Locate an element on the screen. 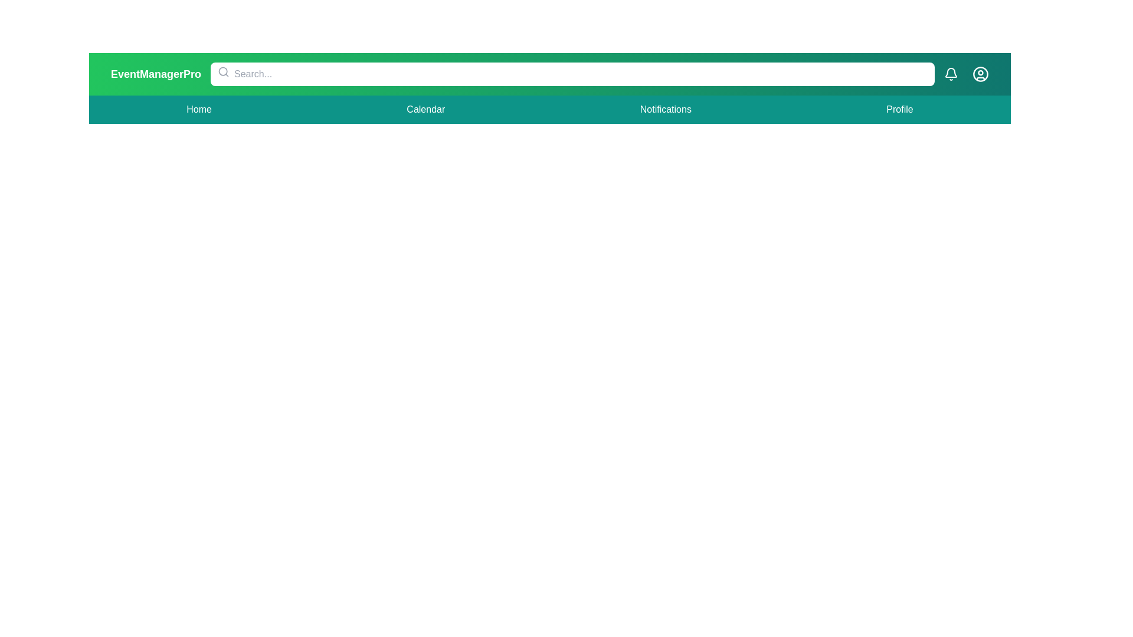  the search bar and type 'Event Management' is located at coordinates (572, 74).